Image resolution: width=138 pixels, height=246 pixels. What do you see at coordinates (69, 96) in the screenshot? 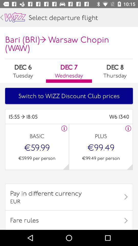
I see `switch to wizz icon` at bounding box center [69, 96].